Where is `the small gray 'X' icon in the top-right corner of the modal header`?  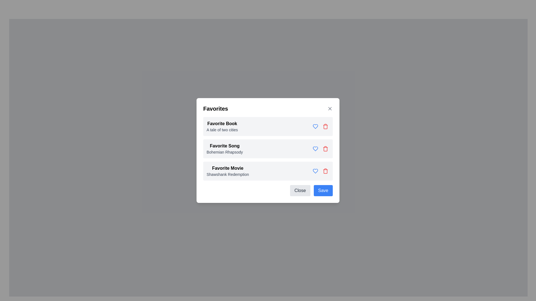
the small gray 'X' icon in the top-right corner of the modal header is located at coordinates (330, 108).